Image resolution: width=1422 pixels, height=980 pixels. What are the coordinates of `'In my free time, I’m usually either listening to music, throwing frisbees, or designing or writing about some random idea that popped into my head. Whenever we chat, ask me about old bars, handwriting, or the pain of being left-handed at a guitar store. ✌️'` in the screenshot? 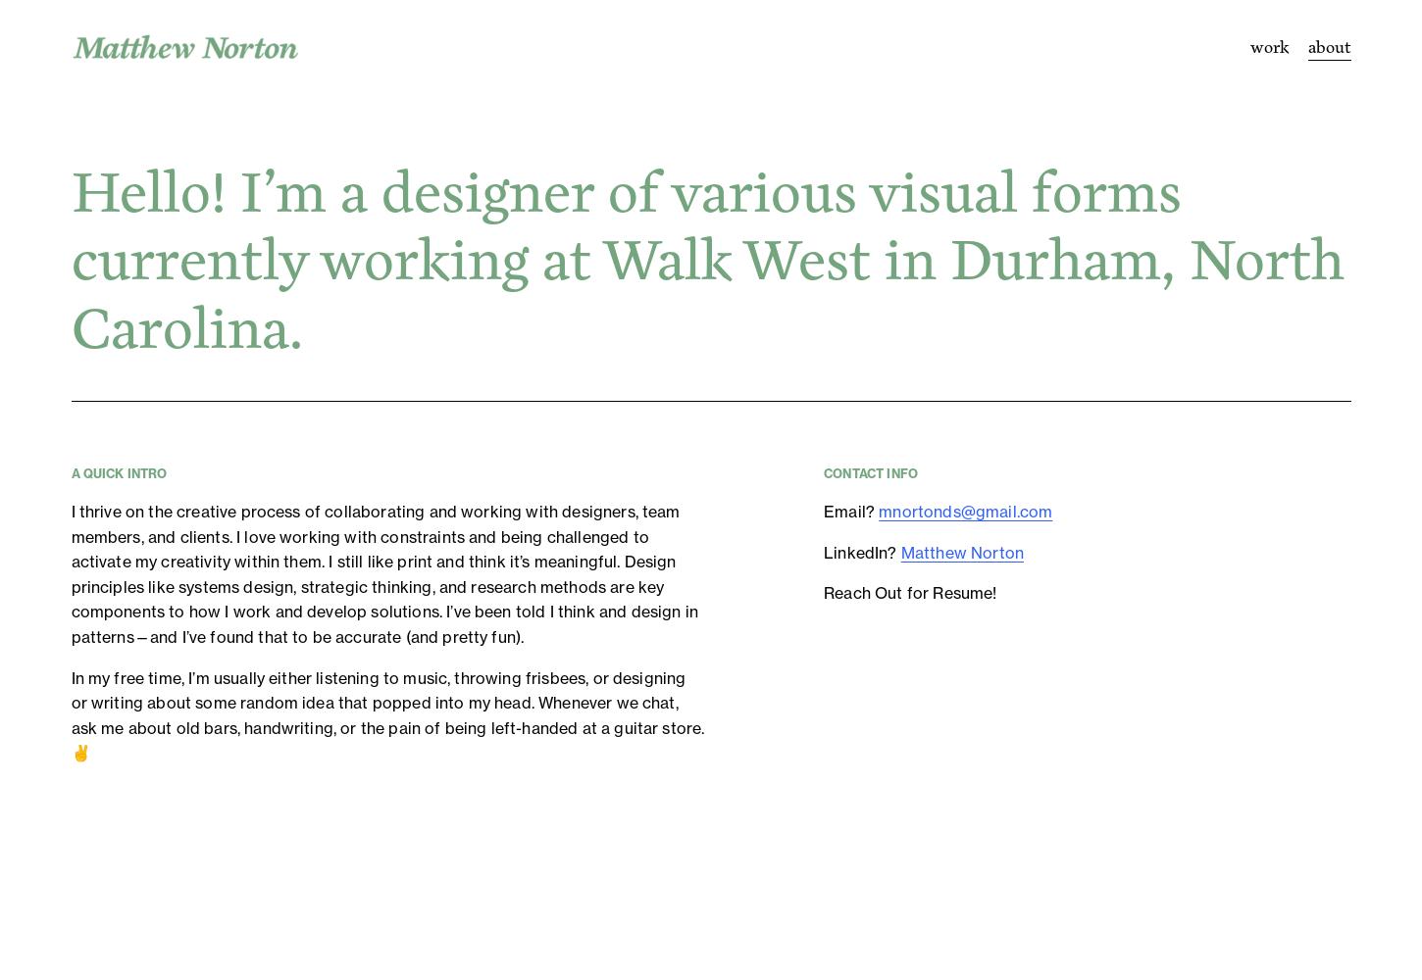 It's located at (388, 713).